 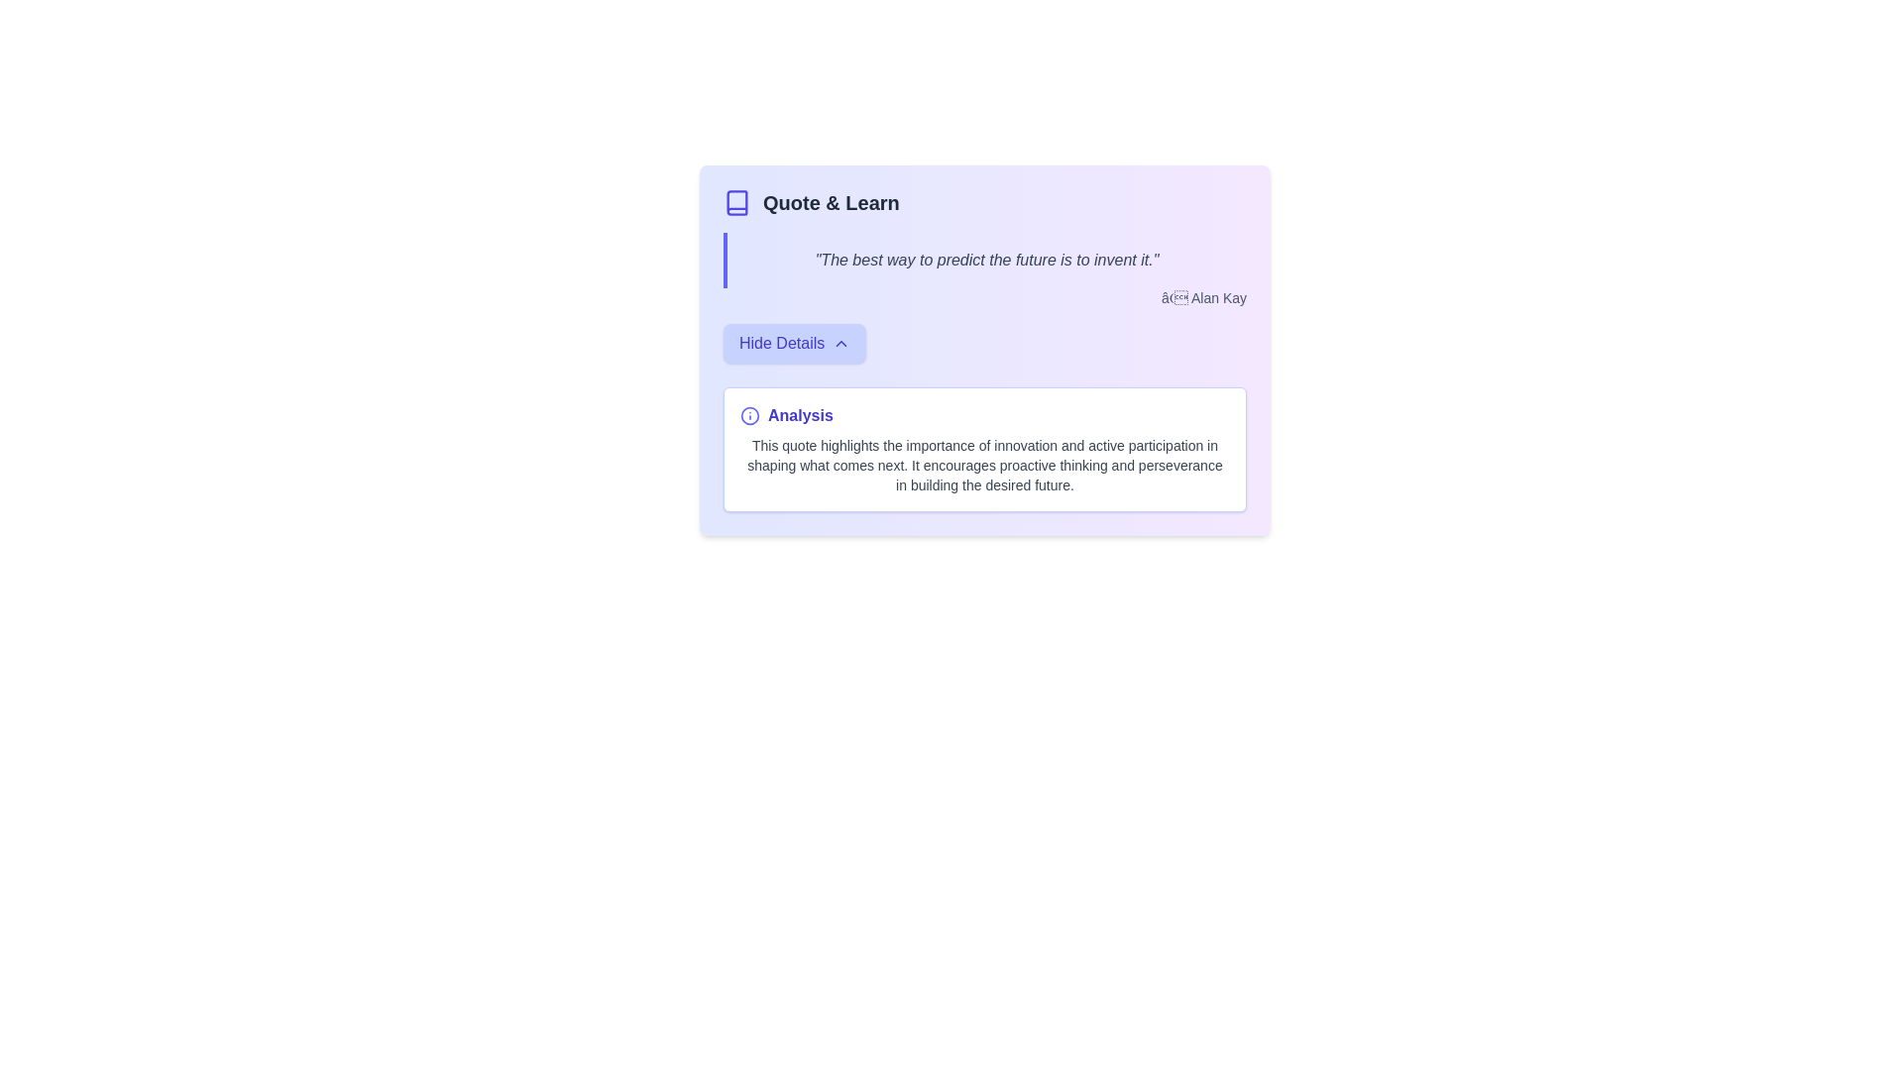 What do you see at coordinates (800, 415) in the screenshot?
I see `the Static Label displaying 'Analysis' in bold indigo font, positioned beside an information icon in the lower-middle section of the card-like interface` at bounding box center [800, 415].